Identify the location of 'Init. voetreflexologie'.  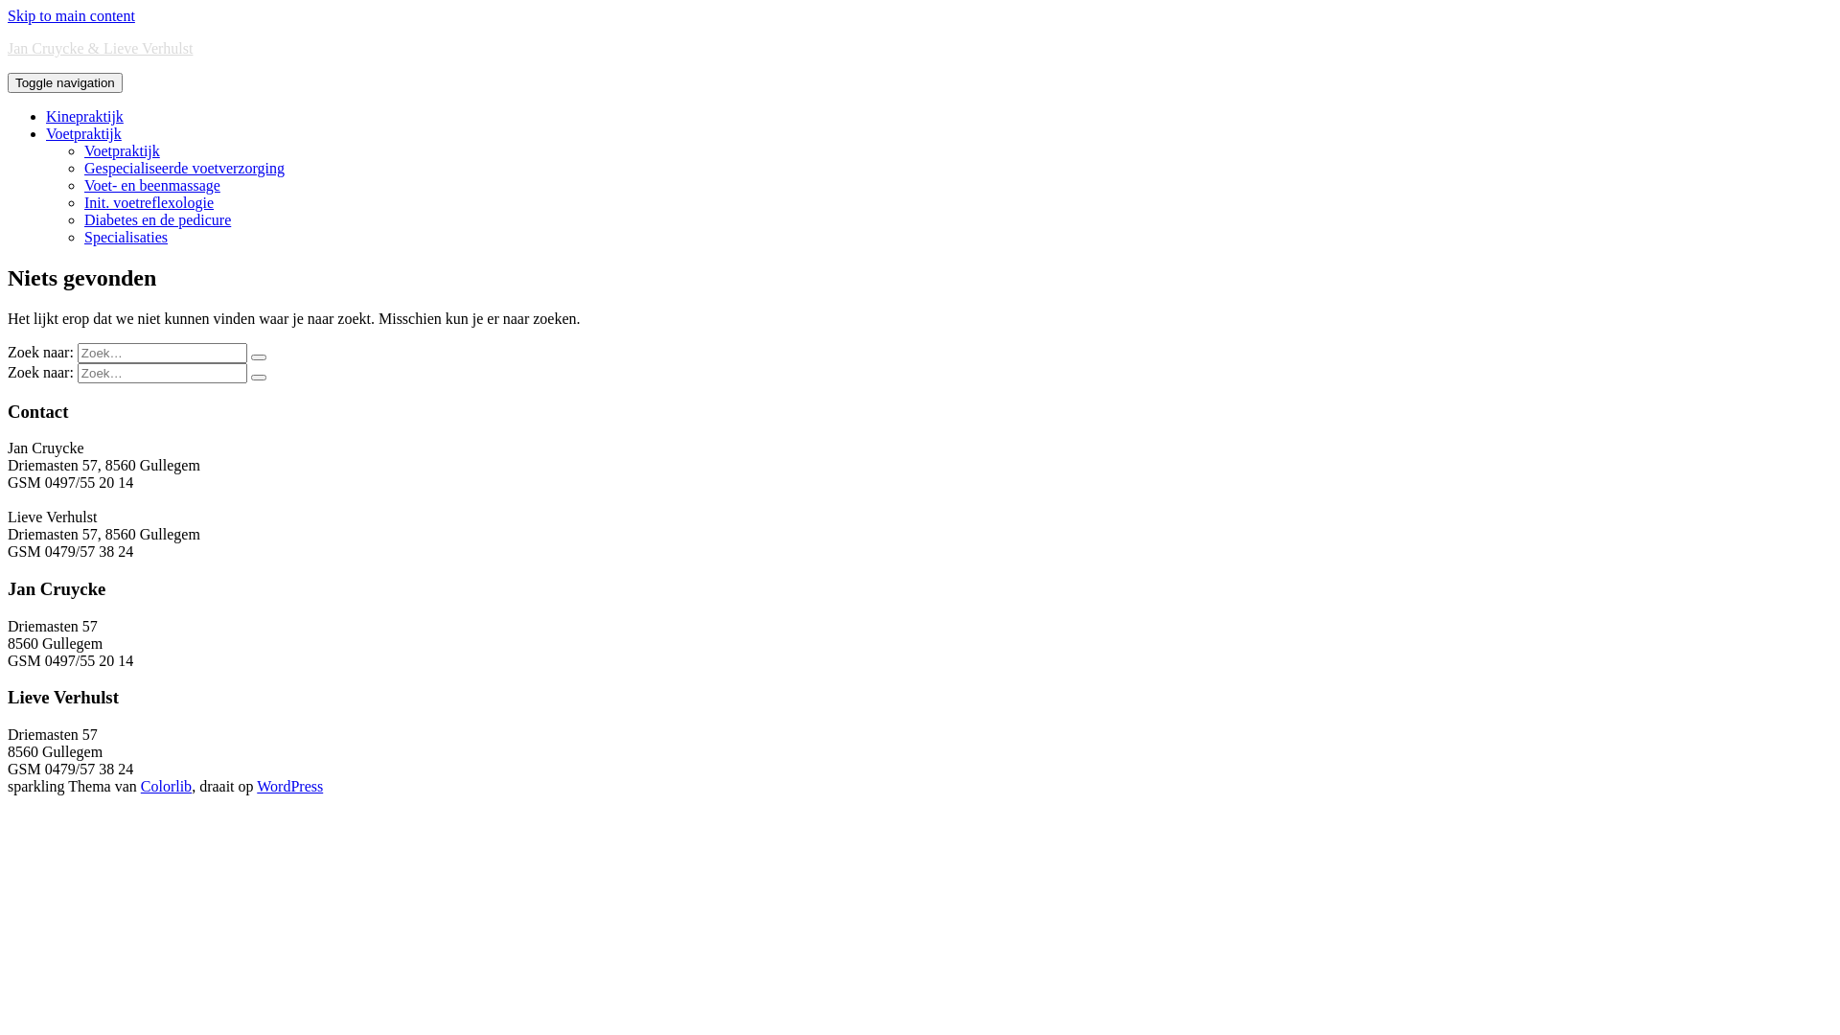
(148, 202).